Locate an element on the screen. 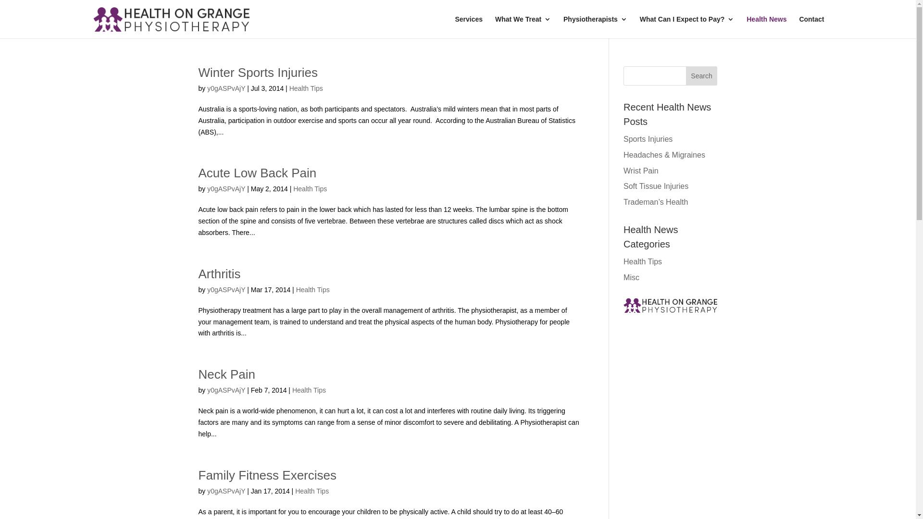  'Winter Sports Injuries' is located at coordinates (258, 72).